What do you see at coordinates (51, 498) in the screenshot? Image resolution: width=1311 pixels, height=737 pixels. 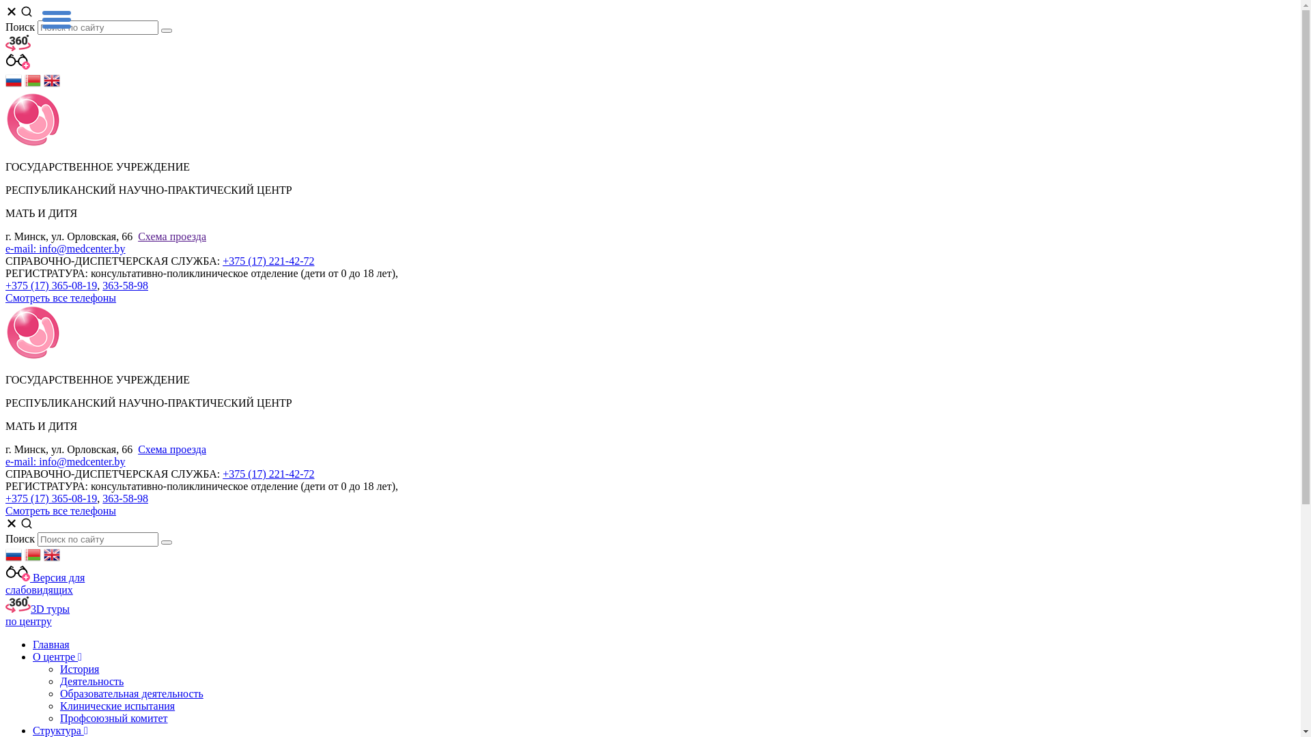 I see `'+375 (17) 365-08-19'` at bounding box center [51, 498].